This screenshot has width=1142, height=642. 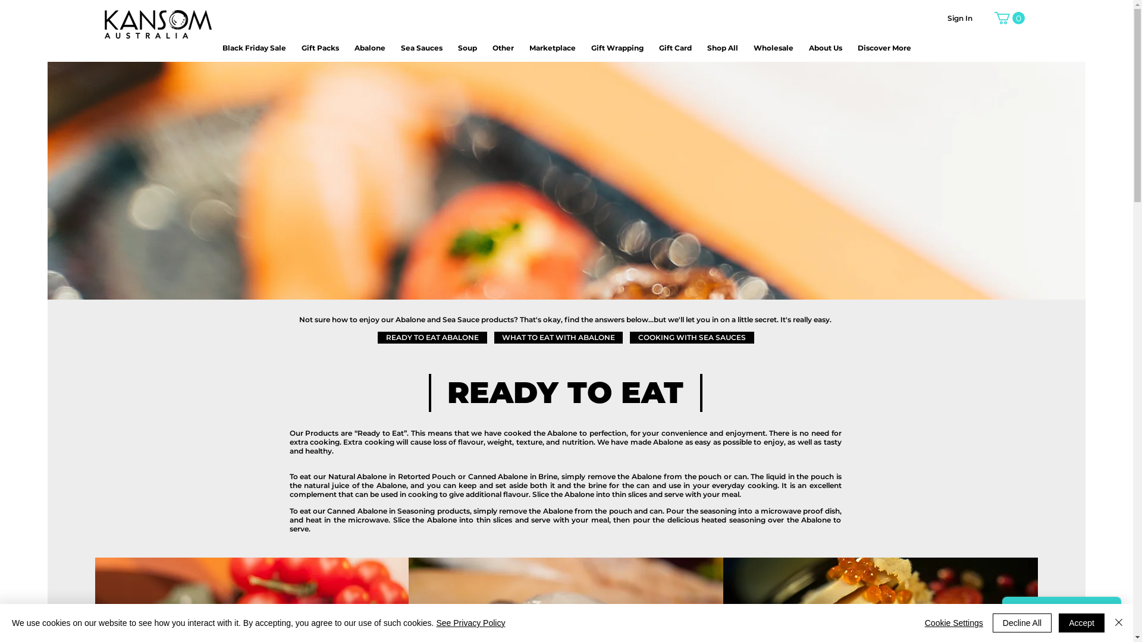 What do you see at coordinates (528, 47) in the screenshot?
I see `'Marketplace'` at bounding box center [528, 47].